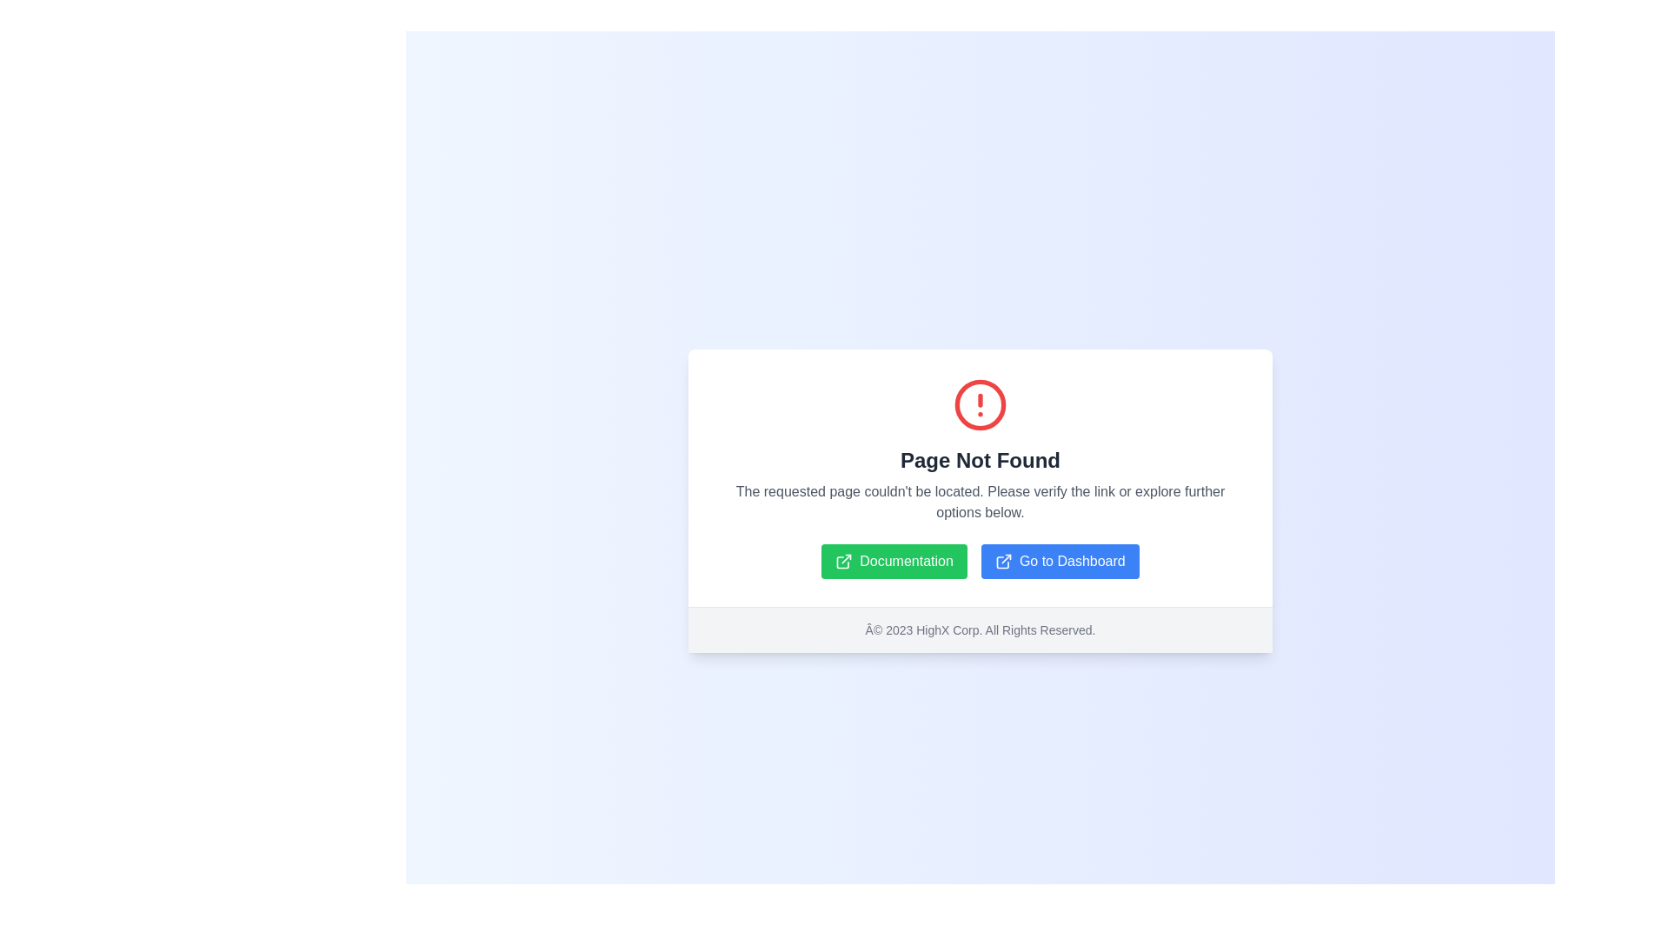  I want to click on text from the bold title text element that displays 'Page Not Found', which is located below a red warning icon and above a descriptive paragraph within a white card, so click(981, 459).